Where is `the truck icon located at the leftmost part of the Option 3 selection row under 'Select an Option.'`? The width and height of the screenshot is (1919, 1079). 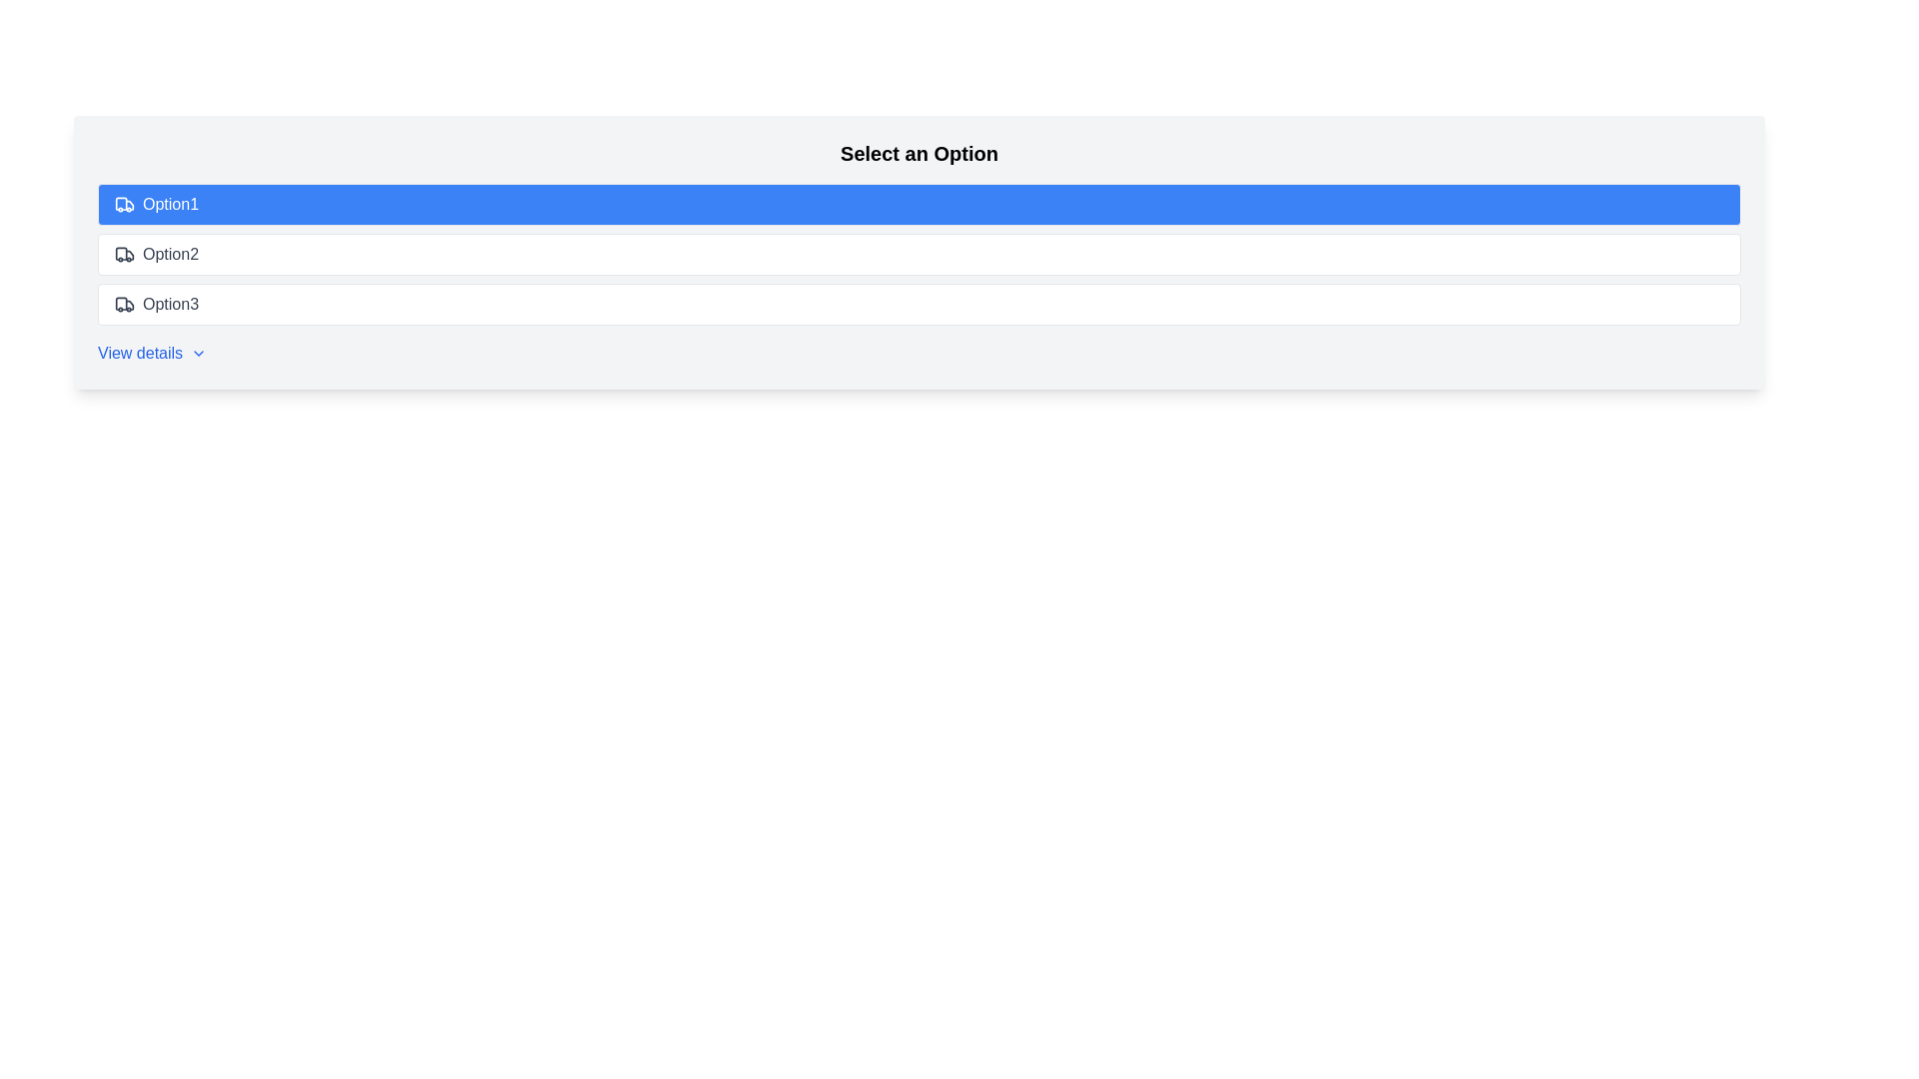 the truck icon located at the leftmost part of the Option 3 selection row under 'Select an Option.' is located at coordinates (123, 304).